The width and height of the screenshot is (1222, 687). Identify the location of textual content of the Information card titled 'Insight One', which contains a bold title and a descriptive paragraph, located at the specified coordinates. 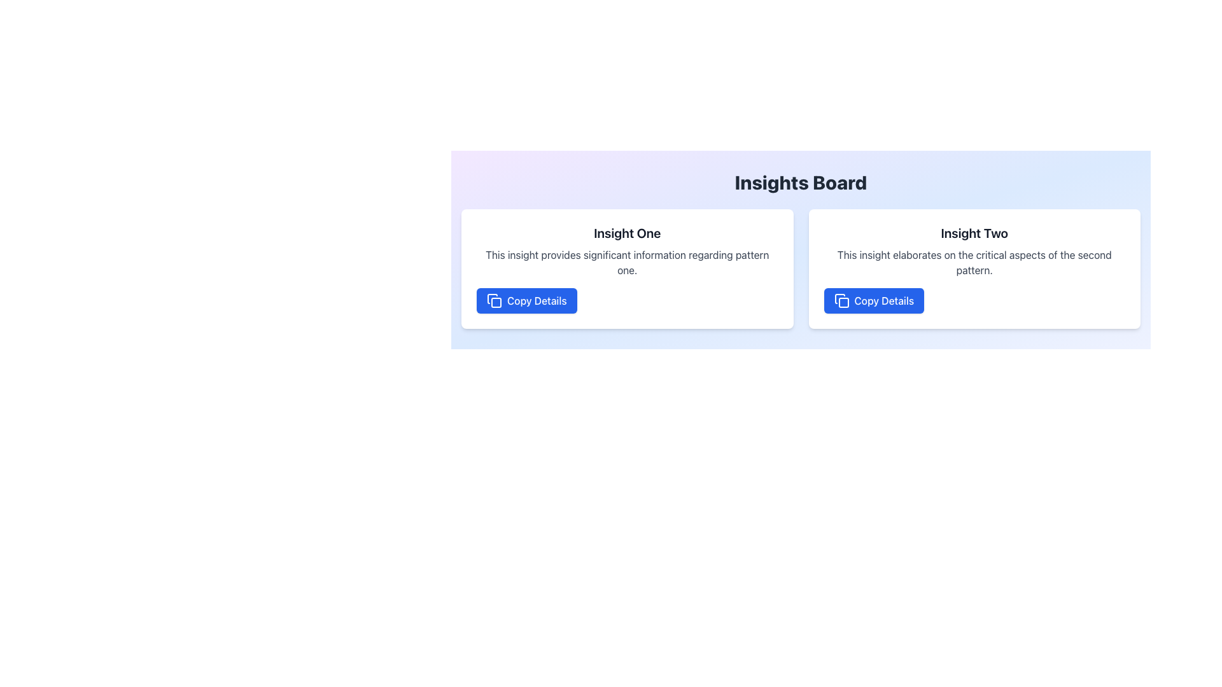
(627, 268).